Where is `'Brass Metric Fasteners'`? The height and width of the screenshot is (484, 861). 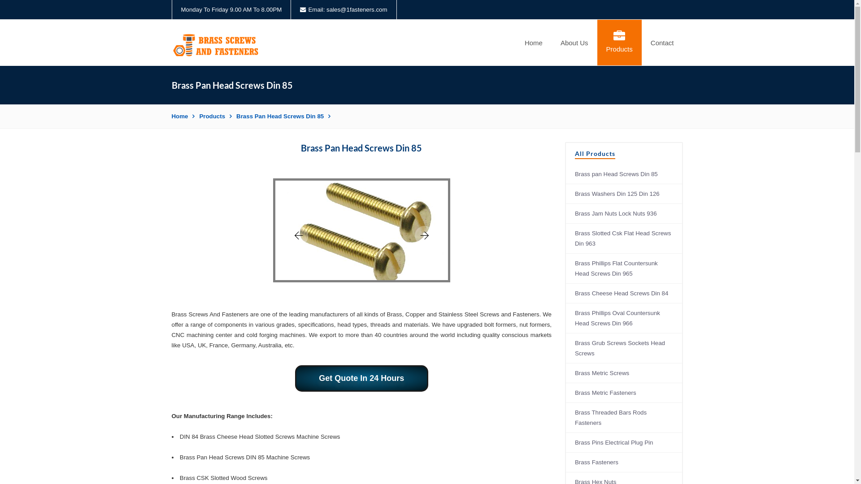
'Brass Metric Fasteners' is located at coordinates (565, 392).